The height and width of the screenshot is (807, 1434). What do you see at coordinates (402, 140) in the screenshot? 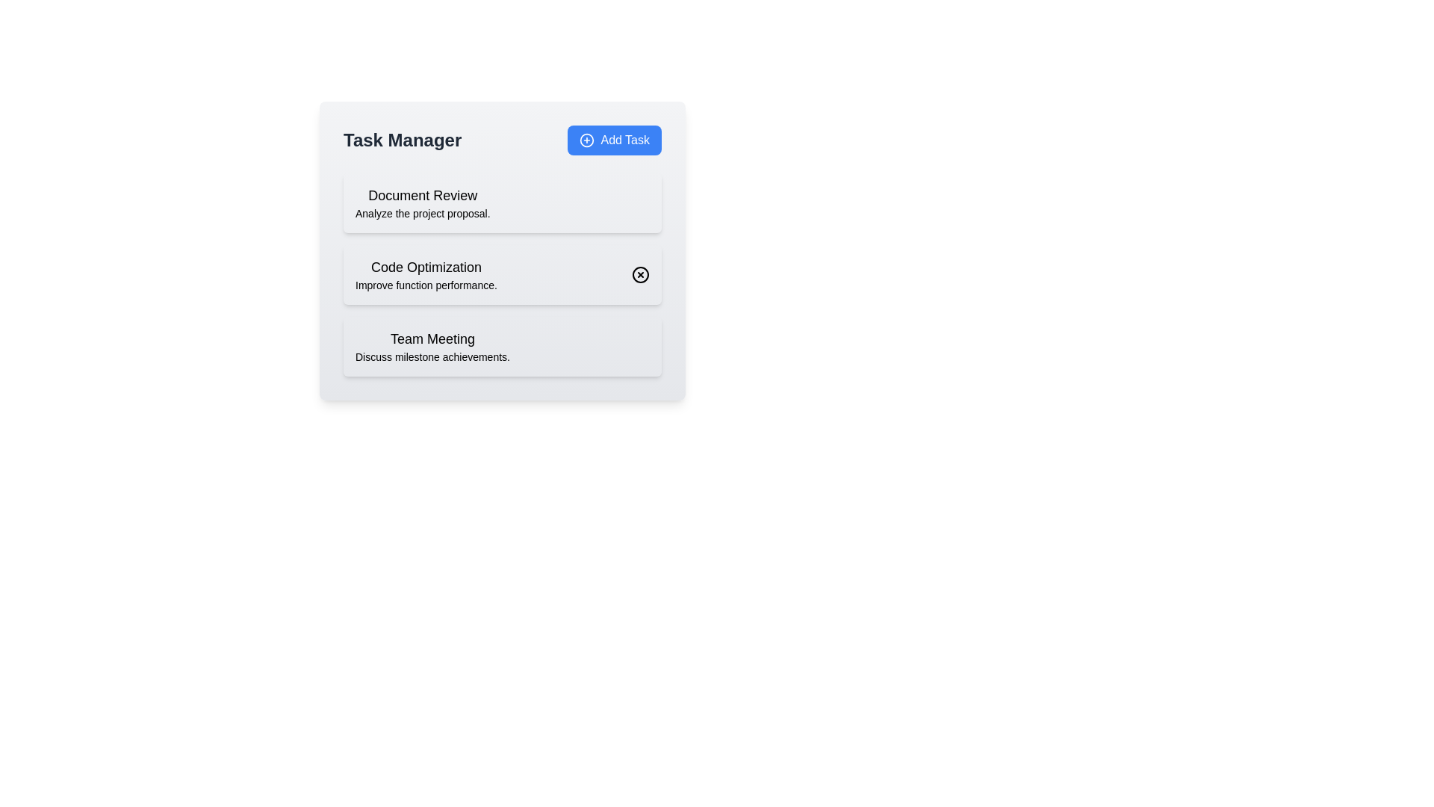
I see `the 'Task Manager' heading for inspection` at bounding box center [402, 140].